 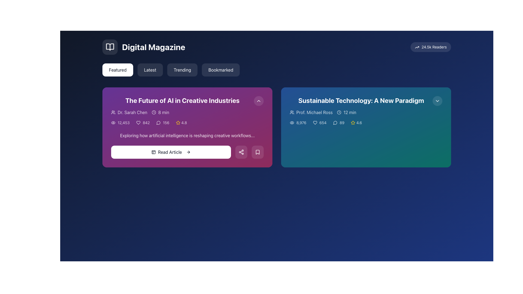 I want to click on the upward-pointing chevron arrow icon button located at the central top region of the card-like block on the left side of the interface, so click(x=259, y=101).